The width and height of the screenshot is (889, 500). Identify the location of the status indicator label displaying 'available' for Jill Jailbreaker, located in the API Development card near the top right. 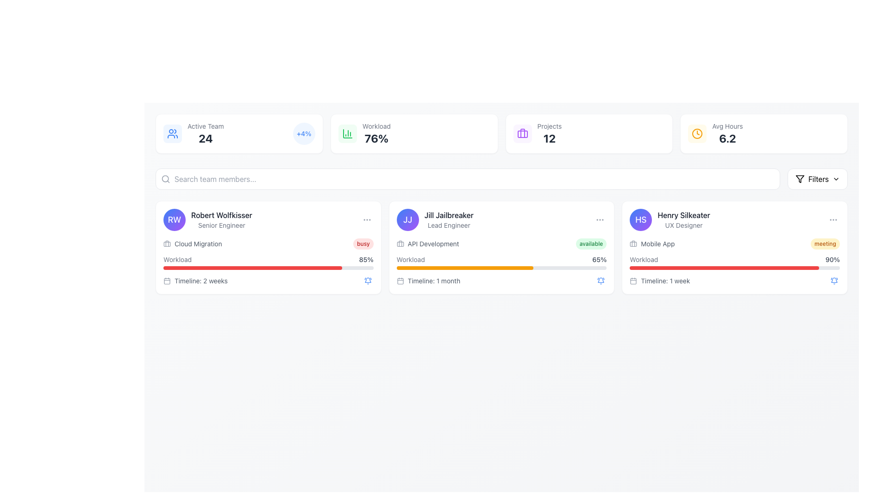
(590, 244).